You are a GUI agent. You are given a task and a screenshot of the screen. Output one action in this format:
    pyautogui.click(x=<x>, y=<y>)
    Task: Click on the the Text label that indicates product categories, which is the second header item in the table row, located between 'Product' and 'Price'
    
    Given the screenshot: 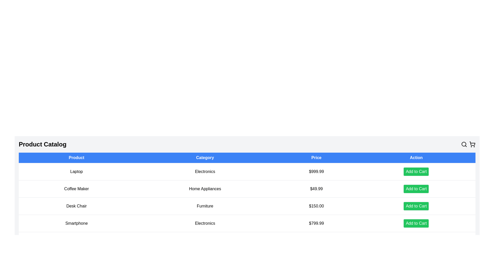 What is the action you would take?
    pyautogui.click(x=205, y=158)
    